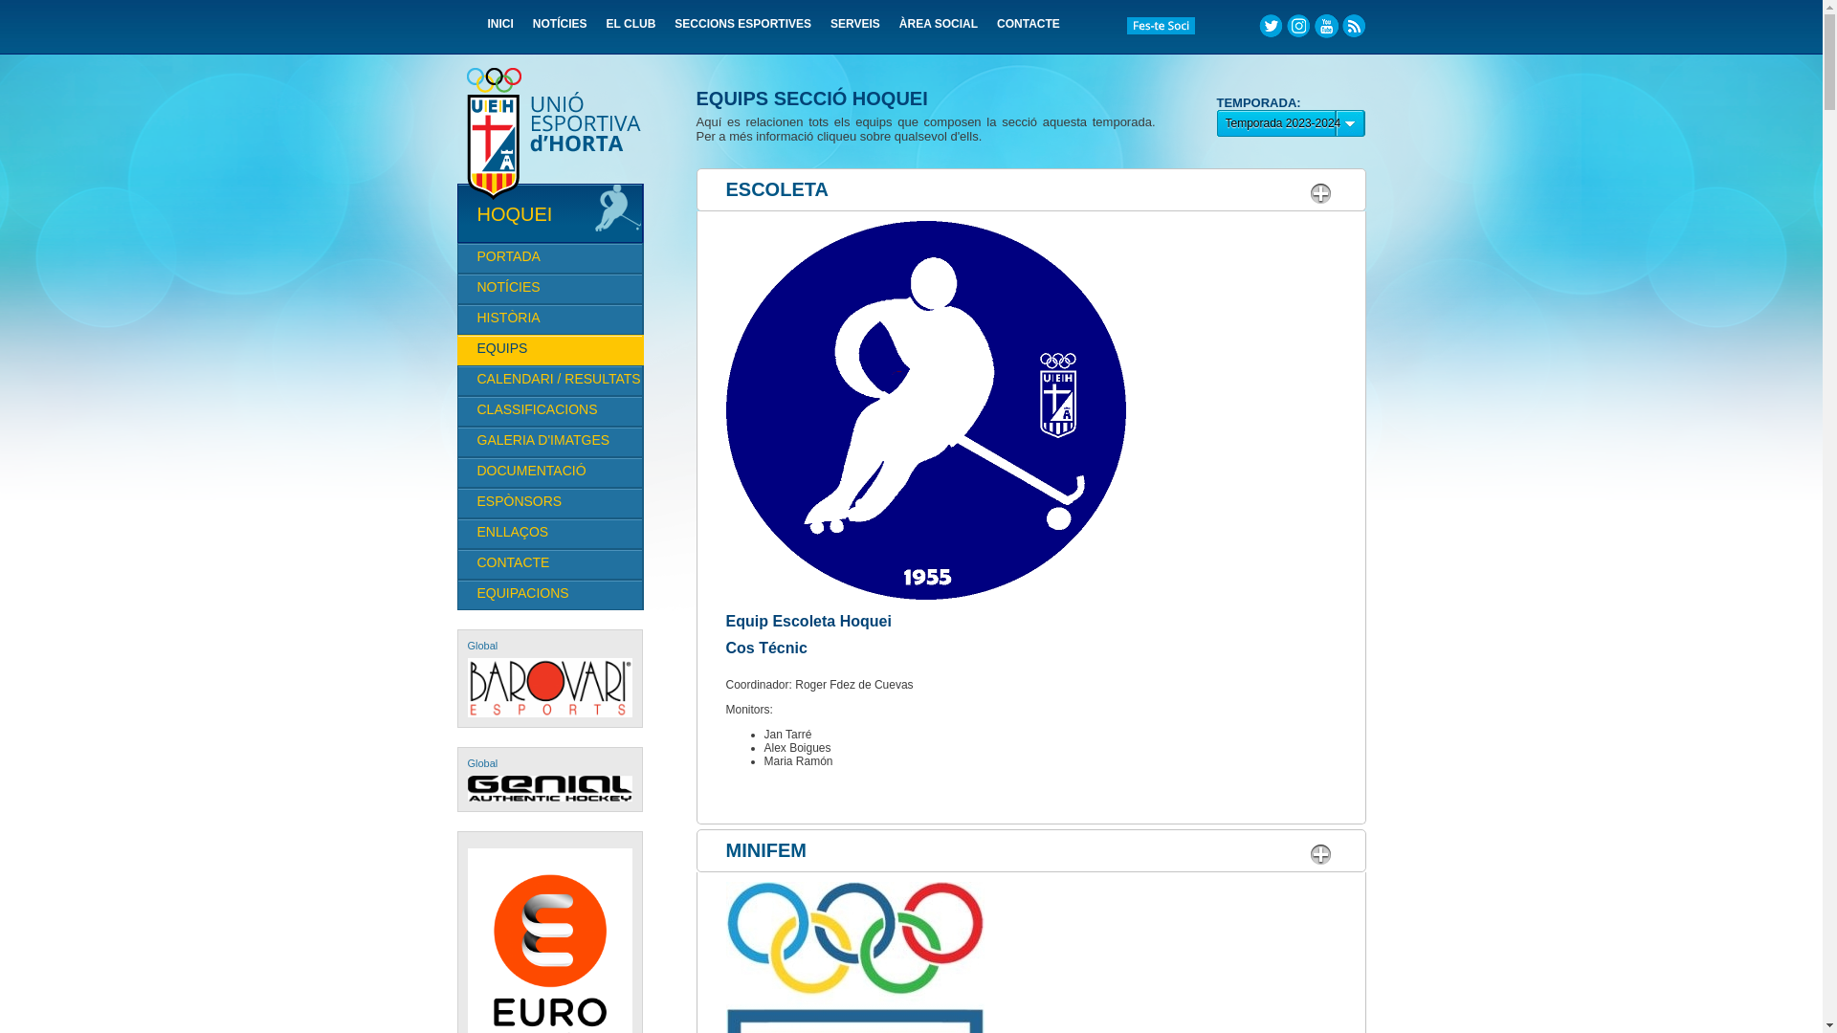  What do you see at coordinates (549, 409) in the screenshot?
I see `'CLASSIFICACIONS'` at bounding box center [549, 409].